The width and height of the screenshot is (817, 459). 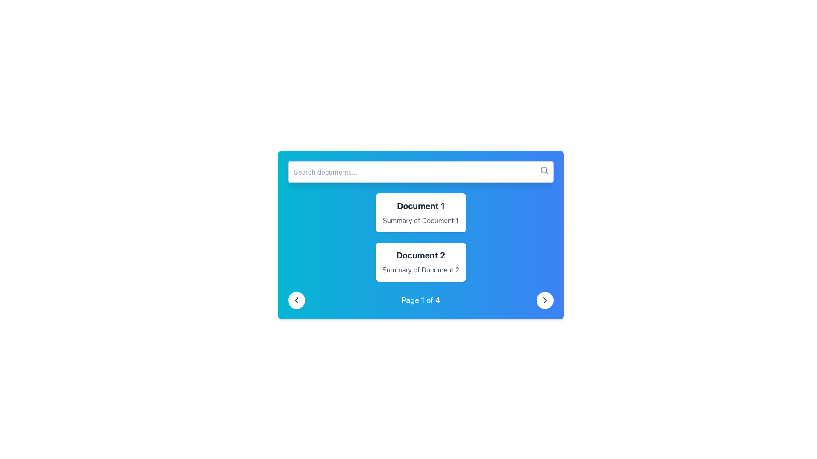 I want to click on the descriptive text element that provides context for the 'Document 2' title, located below the title within a card component, so click(x=420, y=270).